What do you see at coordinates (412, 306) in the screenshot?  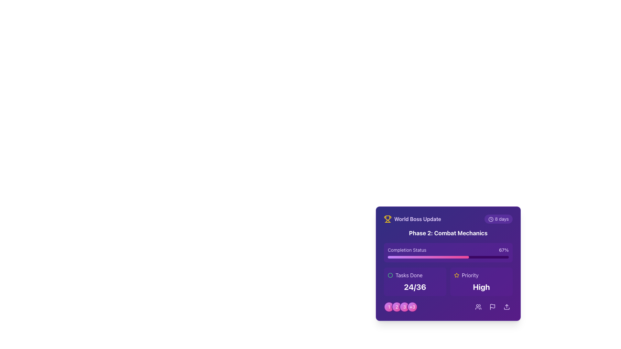 I see `the circular button with a gradient background transitioning from purple to pink, containing the text '+3' in white, located at the bottom left of a card` at bounding box center [412, 306].